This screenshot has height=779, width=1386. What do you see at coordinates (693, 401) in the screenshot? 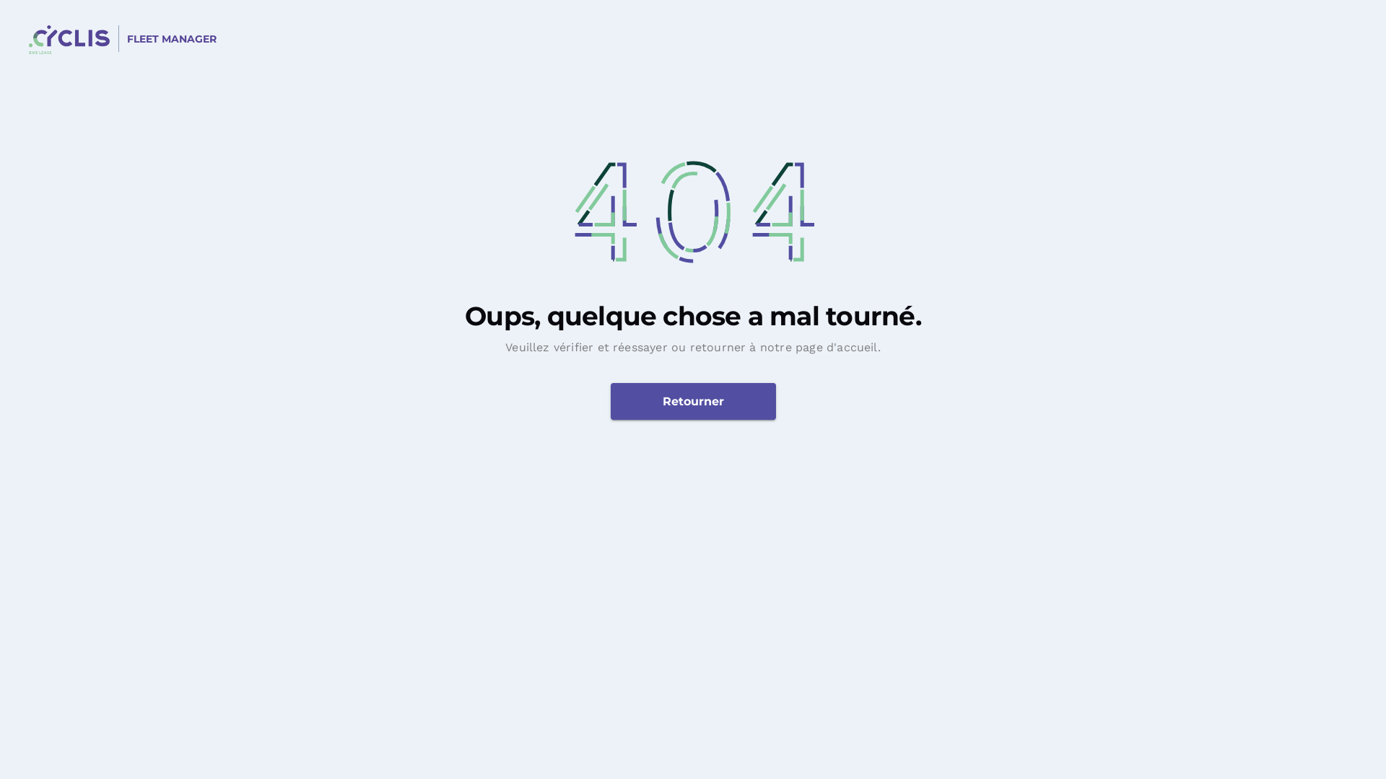
I see `'Retourner'` at bounding box center [693, 401].